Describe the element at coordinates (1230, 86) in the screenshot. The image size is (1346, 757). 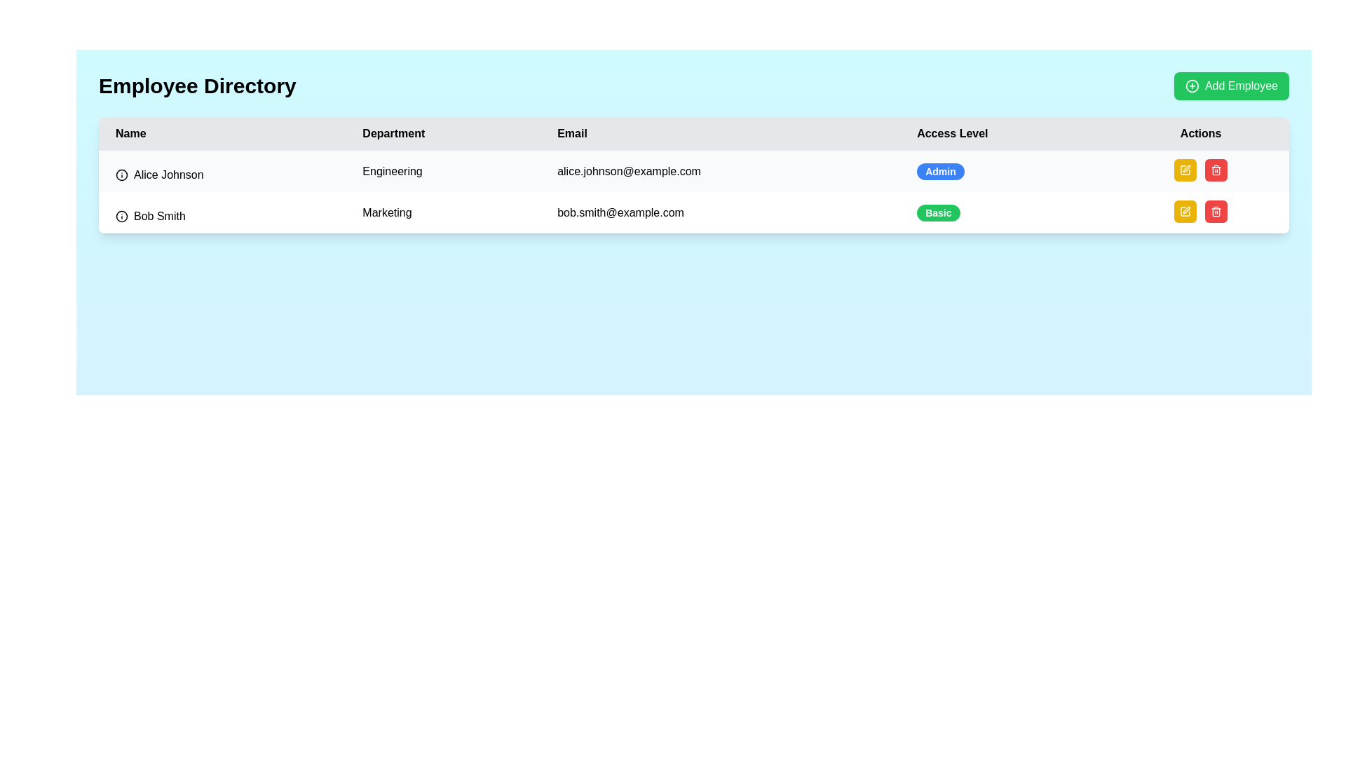
I see `the 'Add Employee' button, which is a green button with rounded corners and white text, located at the top-right corner of the interface adjacent to the 'Employee Directory' label` at that location.